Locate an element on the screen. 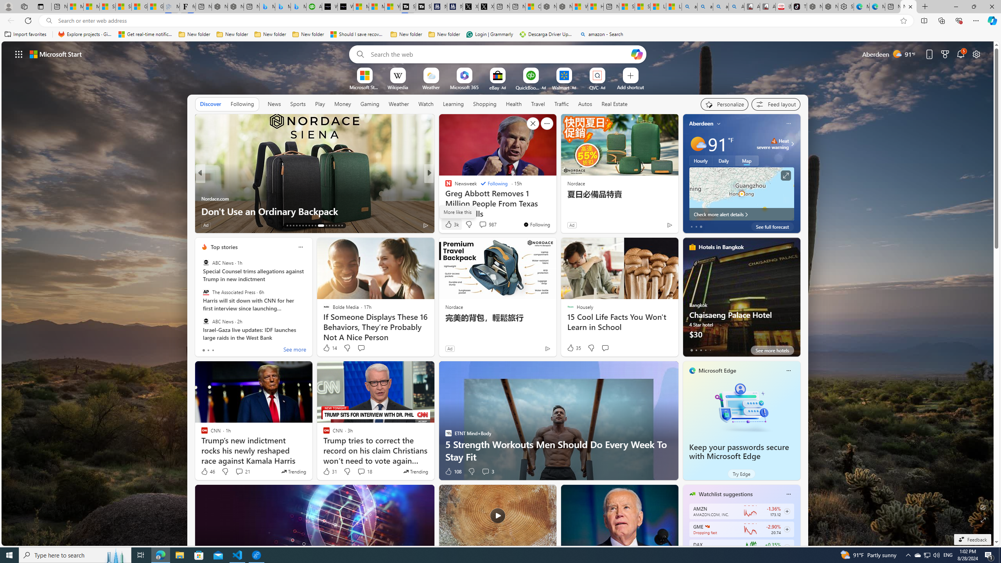 This screenshot has width=1001, height=563. 'Wikipedia' is located at coordinates (397, 87).